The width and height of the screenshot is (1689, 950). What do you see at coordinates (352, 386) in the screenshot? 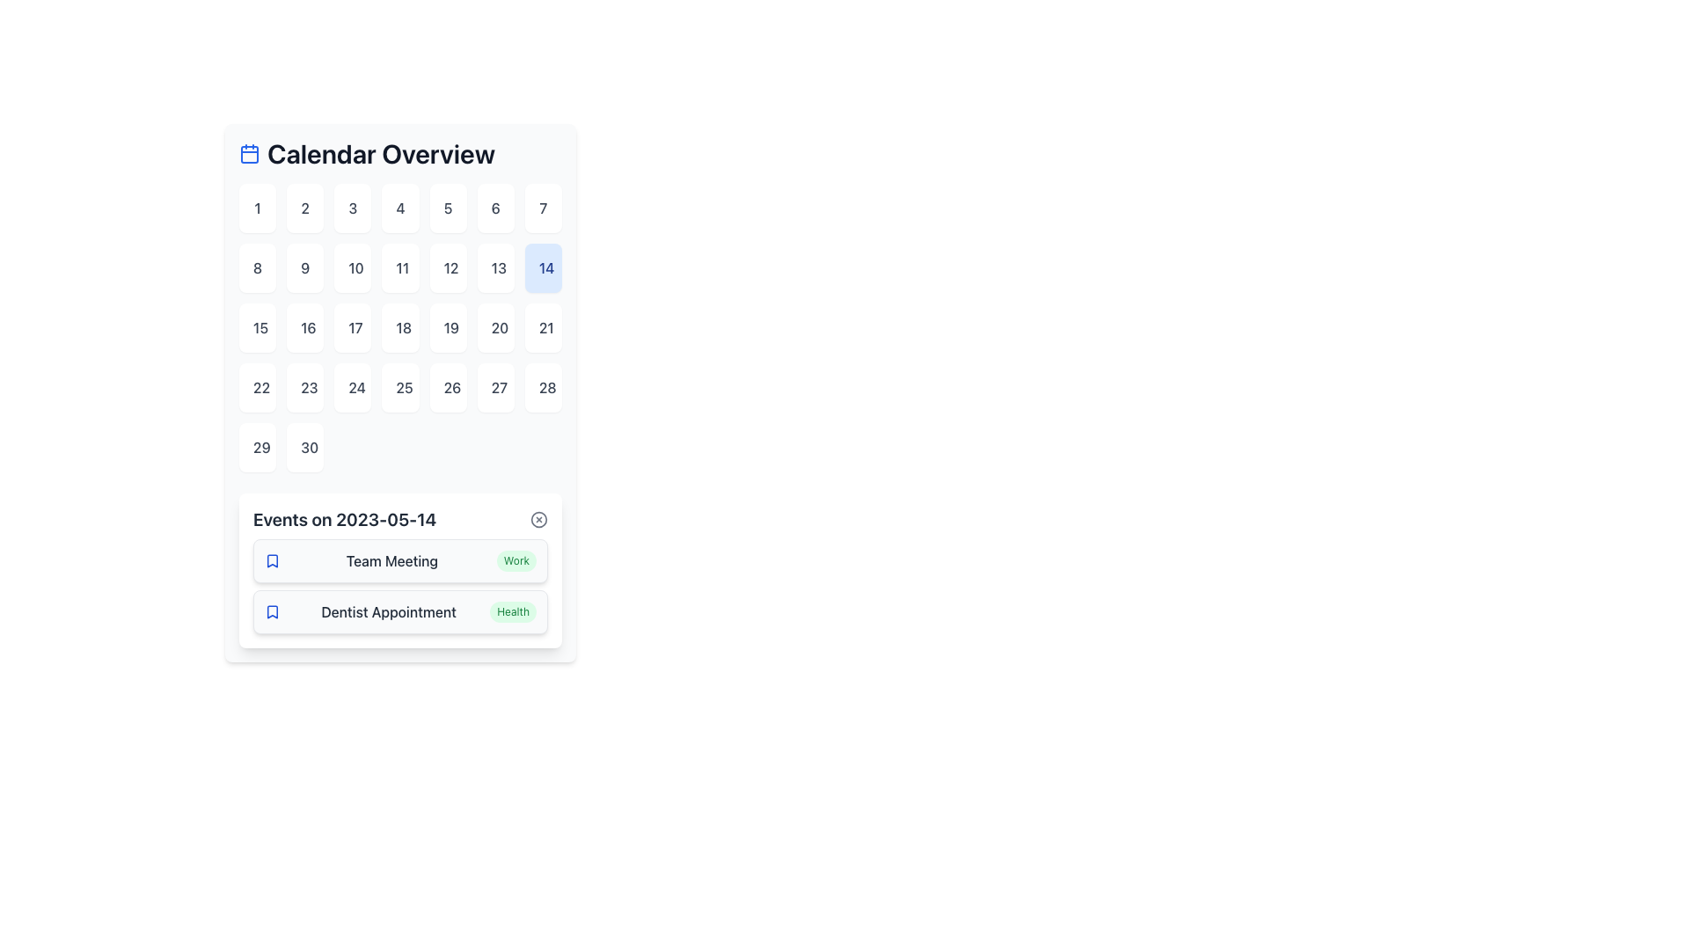
I see `the selectable date button in the calendar interface located in the fourth row and third column, which represents a date for viewing or adding events` at bounding box center [352, 386].